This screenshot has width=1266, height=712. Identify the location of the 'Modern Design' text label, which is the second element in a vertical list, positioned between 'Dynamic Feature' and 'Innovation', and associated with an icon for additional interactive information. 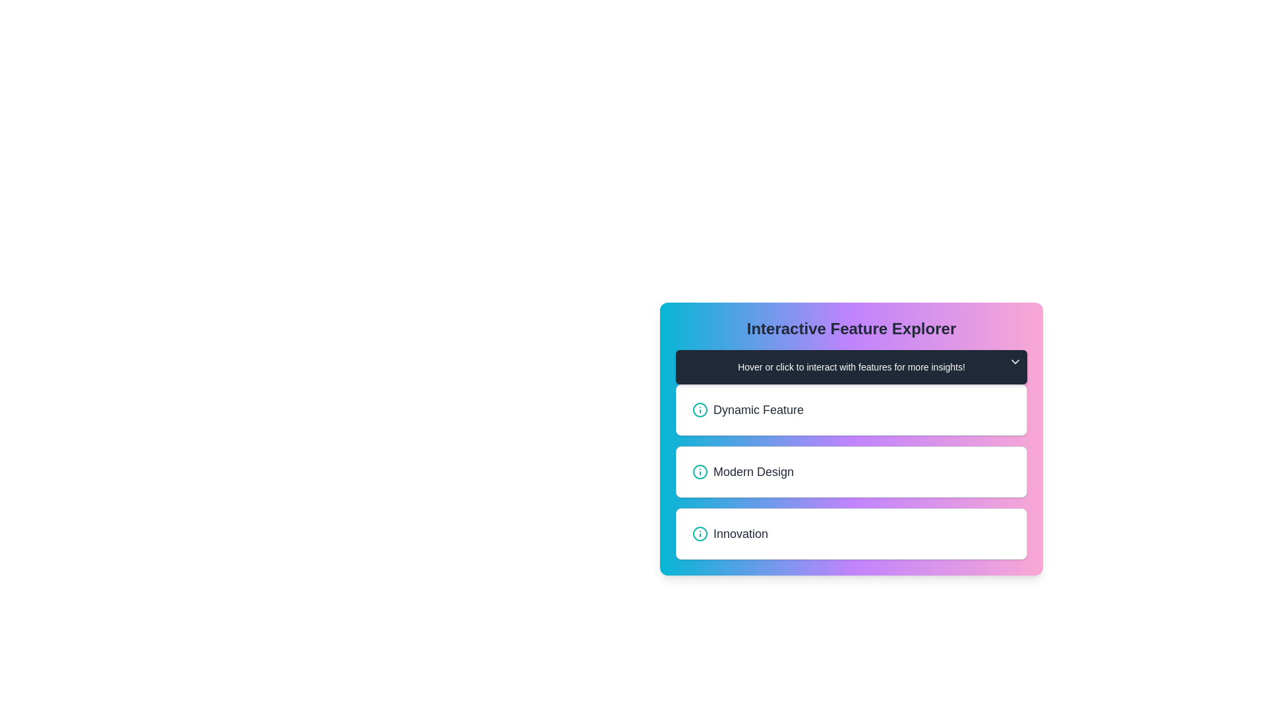
(753, 471).